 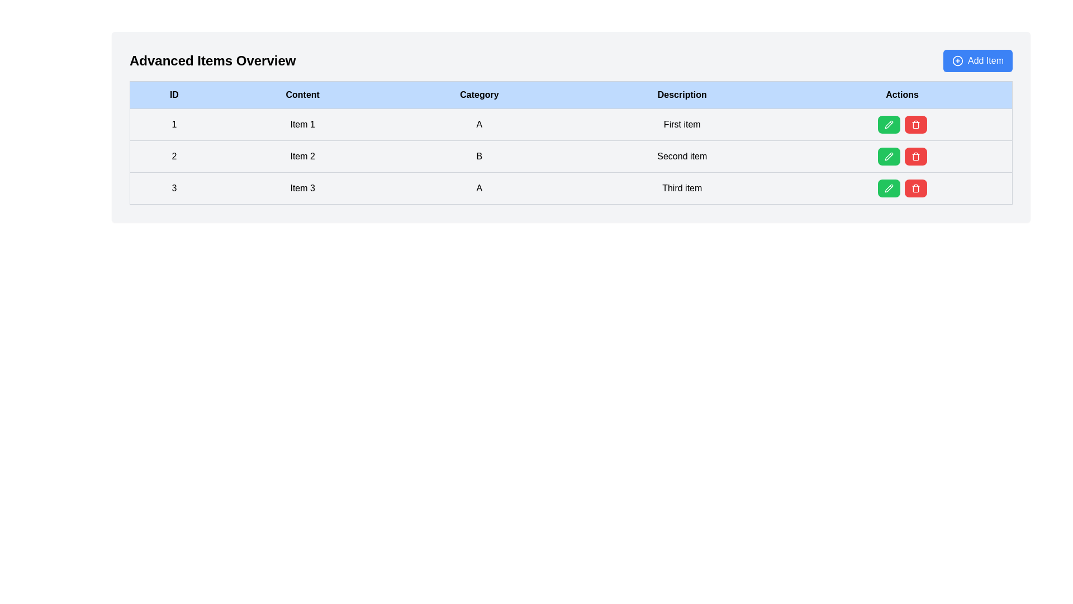 What do you see at coordinates (888, 187) in the screenshot?
I see `the pencil-shaped icon within the green circular button in the 'Actions' column for 'Item 3'` at bounding box center [888, 187].